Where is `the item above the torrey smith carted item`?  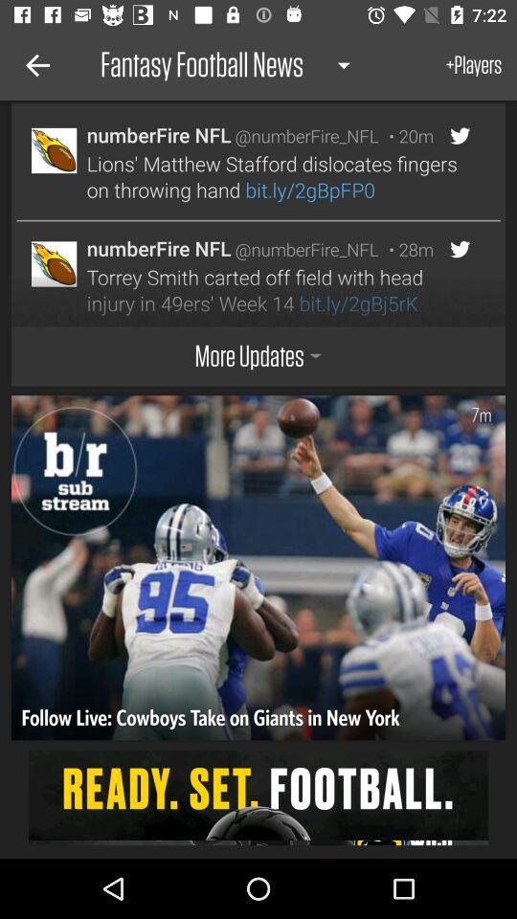
the item above the torrey smith carted item is located at coordinates (405, 248).